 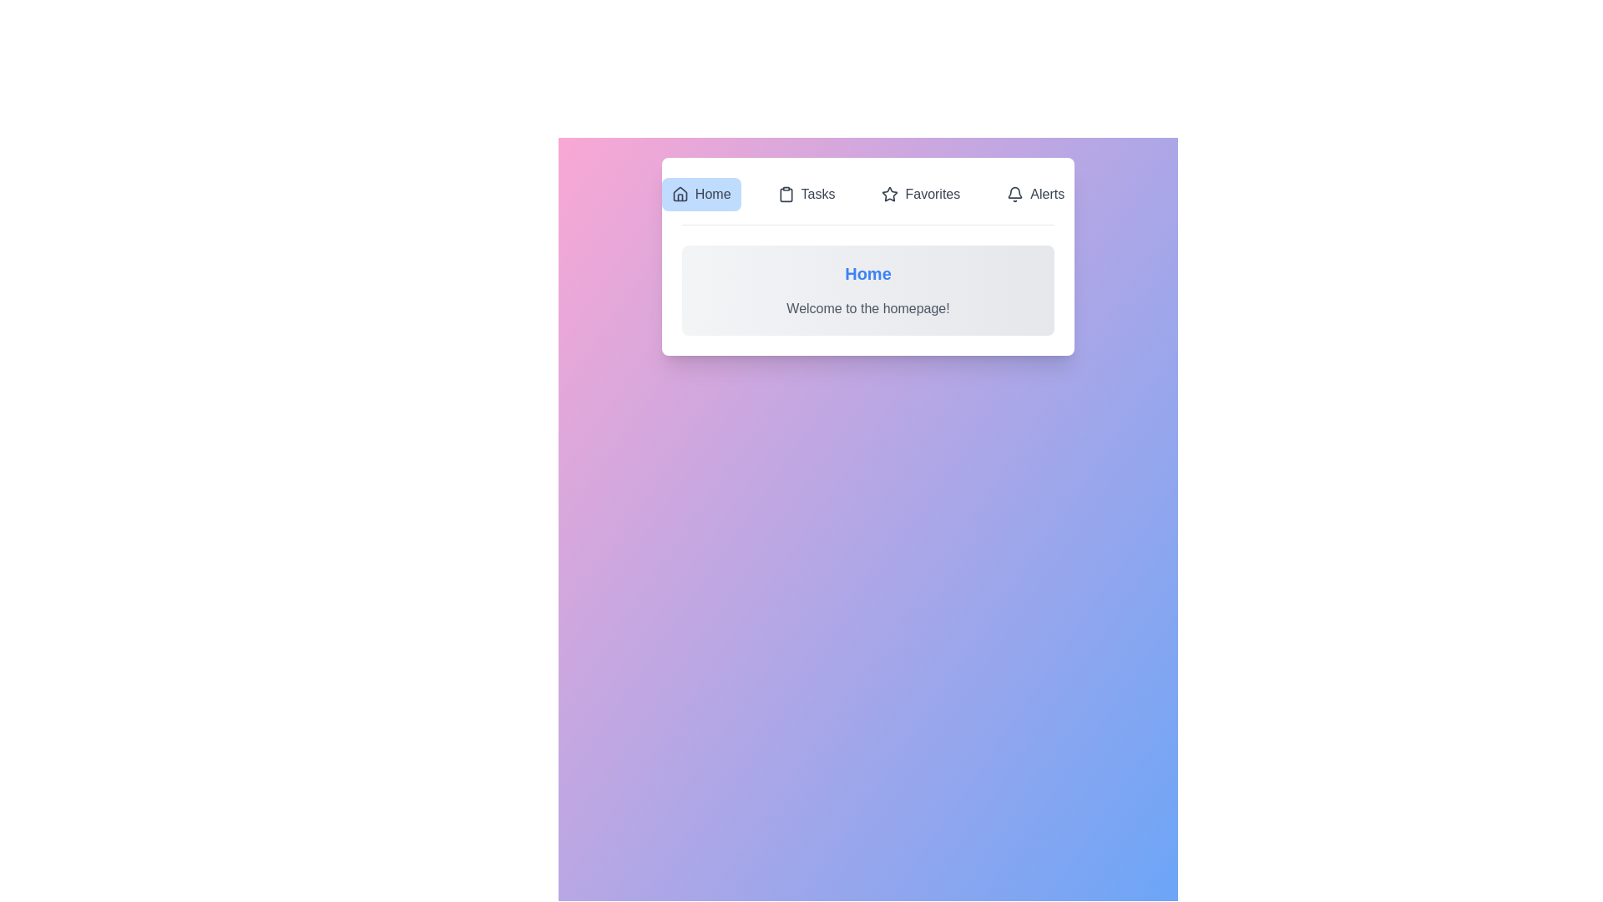 I want to click on the tab labeled Home to view its content, so click(x=701, y=193).